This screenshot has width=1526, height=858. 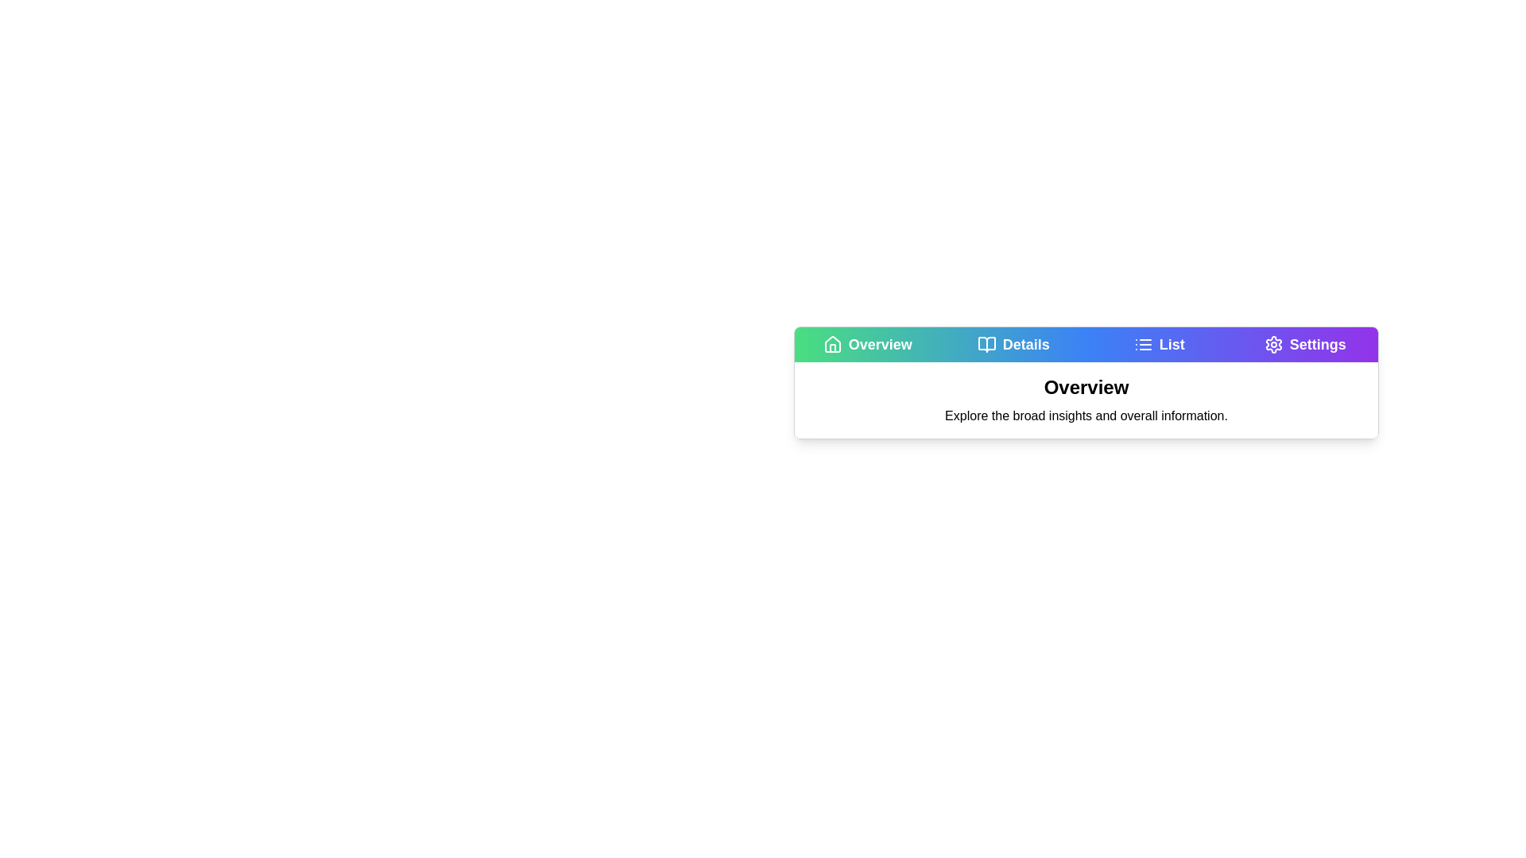 What do you see at coordinates (1142, 344) in the screenshot?
I see `the 'List' menu icon located in the menu bar, which is the third item from the left` at bounding box center [1142, 344].